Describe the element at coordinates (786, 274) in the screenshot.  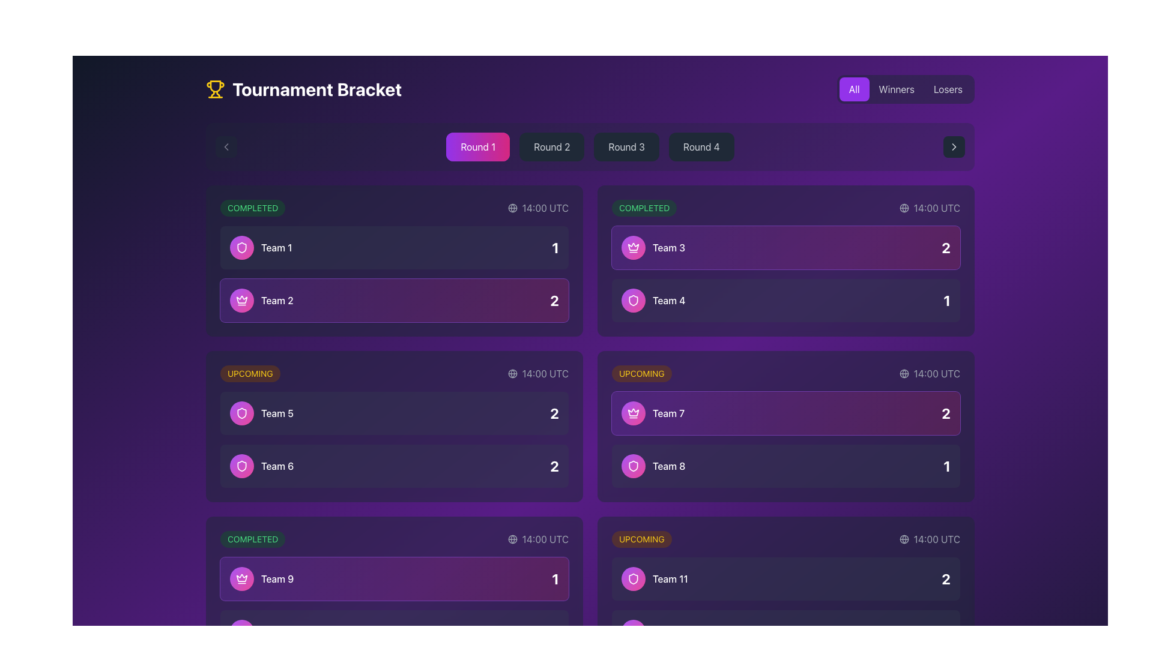
I see `the Matchup Information Panel displaying the outcome of the completed match between 'Team 3' and 'Team 4'` at that location.